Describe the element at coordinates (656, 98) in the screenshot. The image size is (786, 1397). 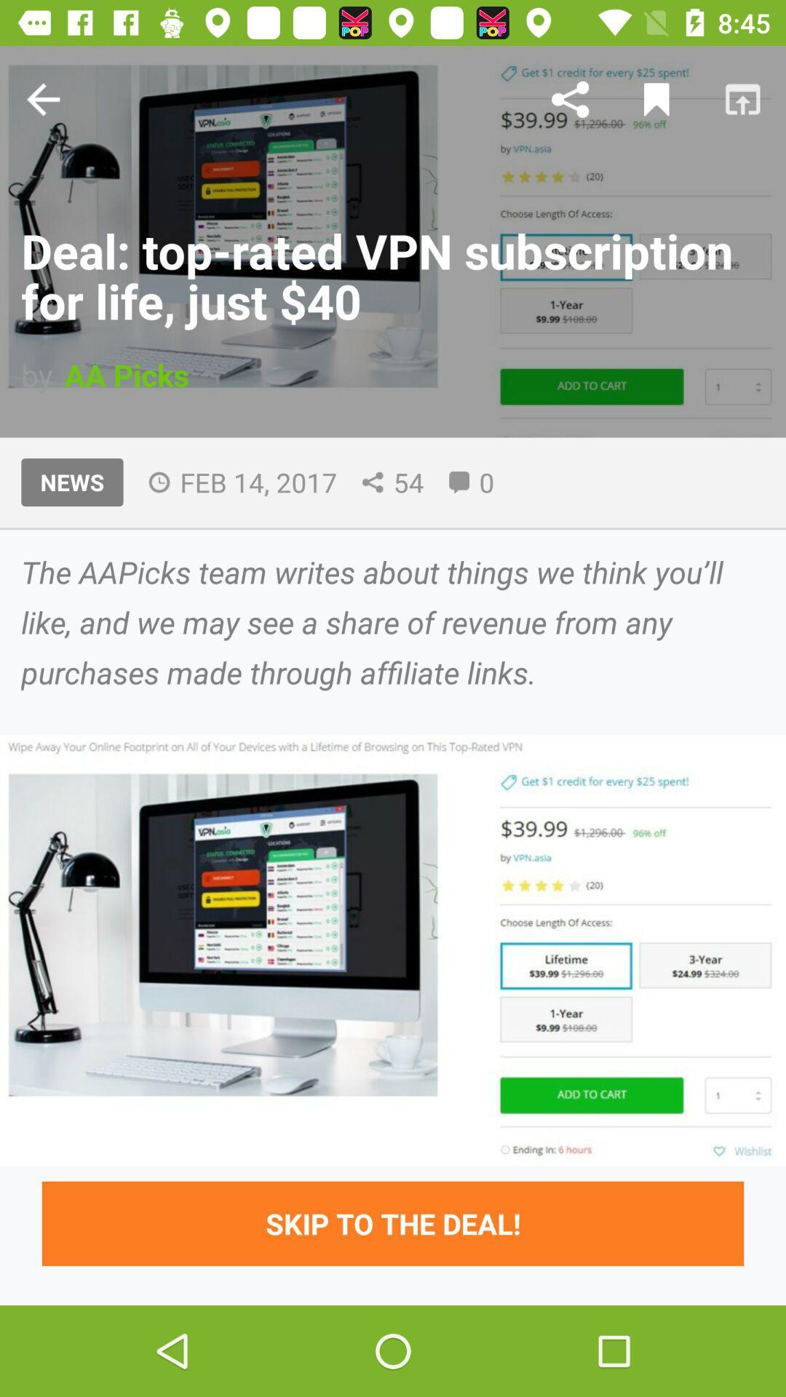
I see `bookmark this page` at that location.